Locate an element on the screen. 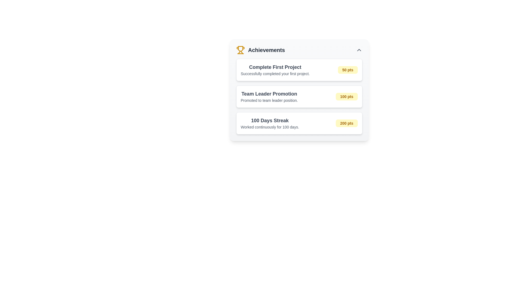 Image resolution: width=522 pixels, height=294 pixels. the text label that reads 'Successfully completed your first project.' which is contained within the card-like structure beneath the heading 'Complete First Project' is located at coordinates (275, 73).